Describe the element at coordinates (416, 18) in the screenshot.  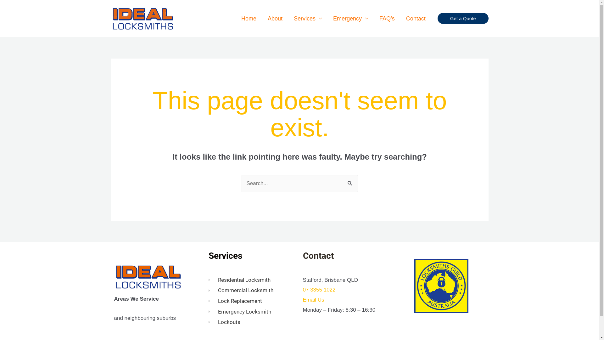
I see `'Contact'` at that location.